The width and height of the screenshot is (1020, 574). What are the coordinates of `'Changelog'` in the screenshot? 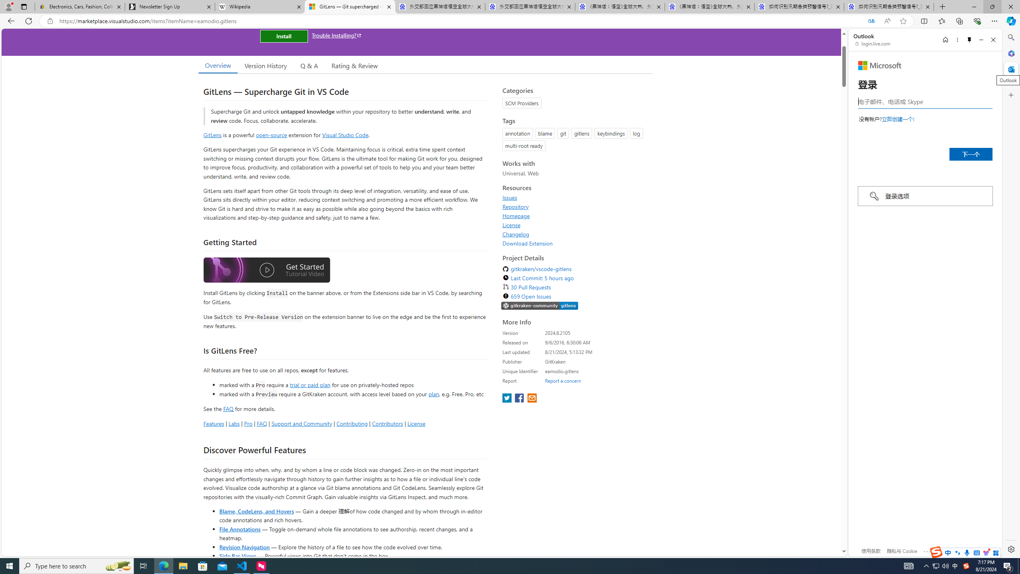 It's located at (516, 234).